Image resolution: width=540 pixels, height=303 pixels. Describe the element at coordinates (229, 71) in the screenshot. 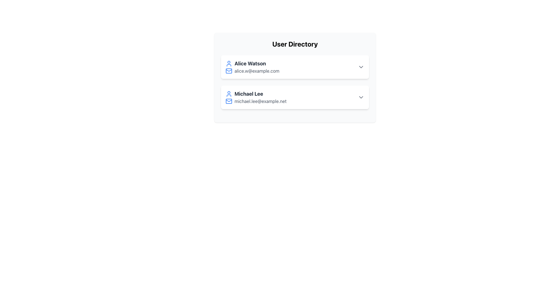

I see `the blue, rounded rectangle SVG element representing an email envelope icon for Alice Watson, located to the left of the email address 'alice.w@example.com'` at that location.